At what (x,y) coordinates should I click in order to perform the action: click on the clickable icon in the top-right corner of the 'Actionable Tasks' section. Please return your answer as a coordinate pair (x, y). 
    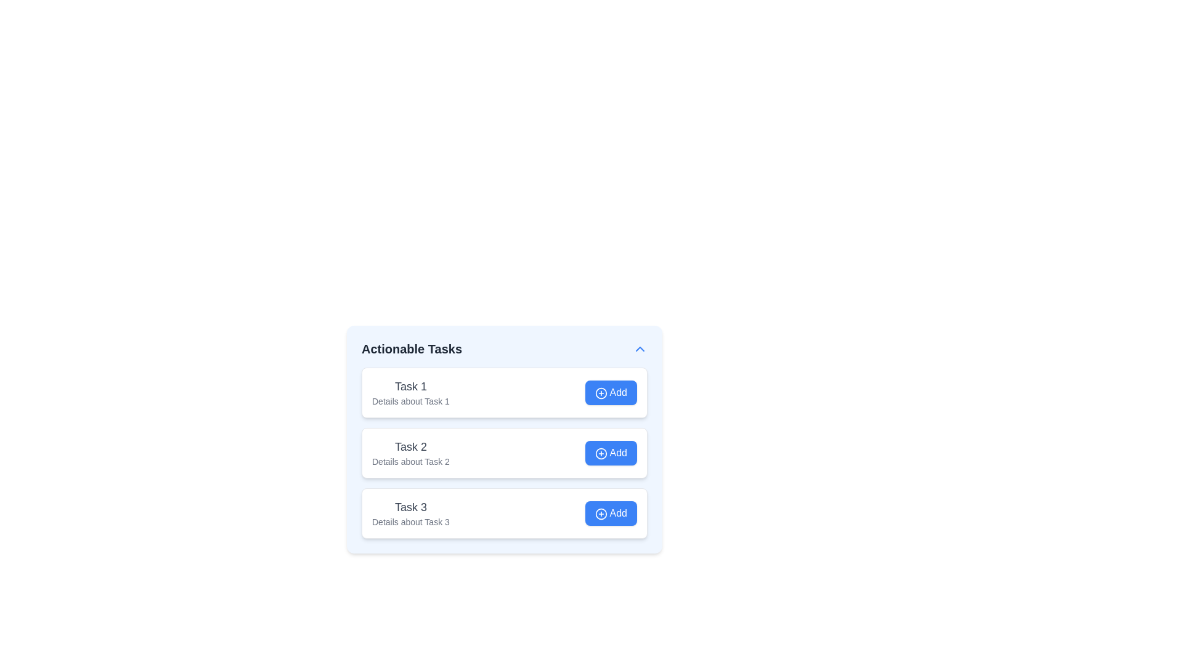
    Looking at the image, I should click on (640, 349).